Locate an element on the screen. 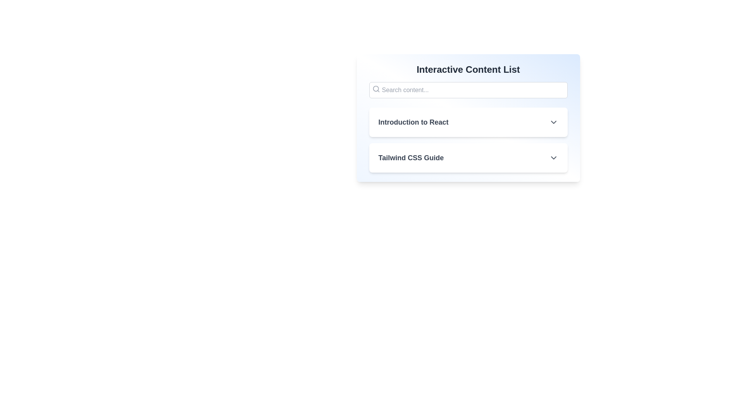 Image resolution: width=744 pixels, height=418 pixels. the icon accompanying the list item titled 'Introduction to React' to toggle its expanded state is located at coordinates (553, 122).